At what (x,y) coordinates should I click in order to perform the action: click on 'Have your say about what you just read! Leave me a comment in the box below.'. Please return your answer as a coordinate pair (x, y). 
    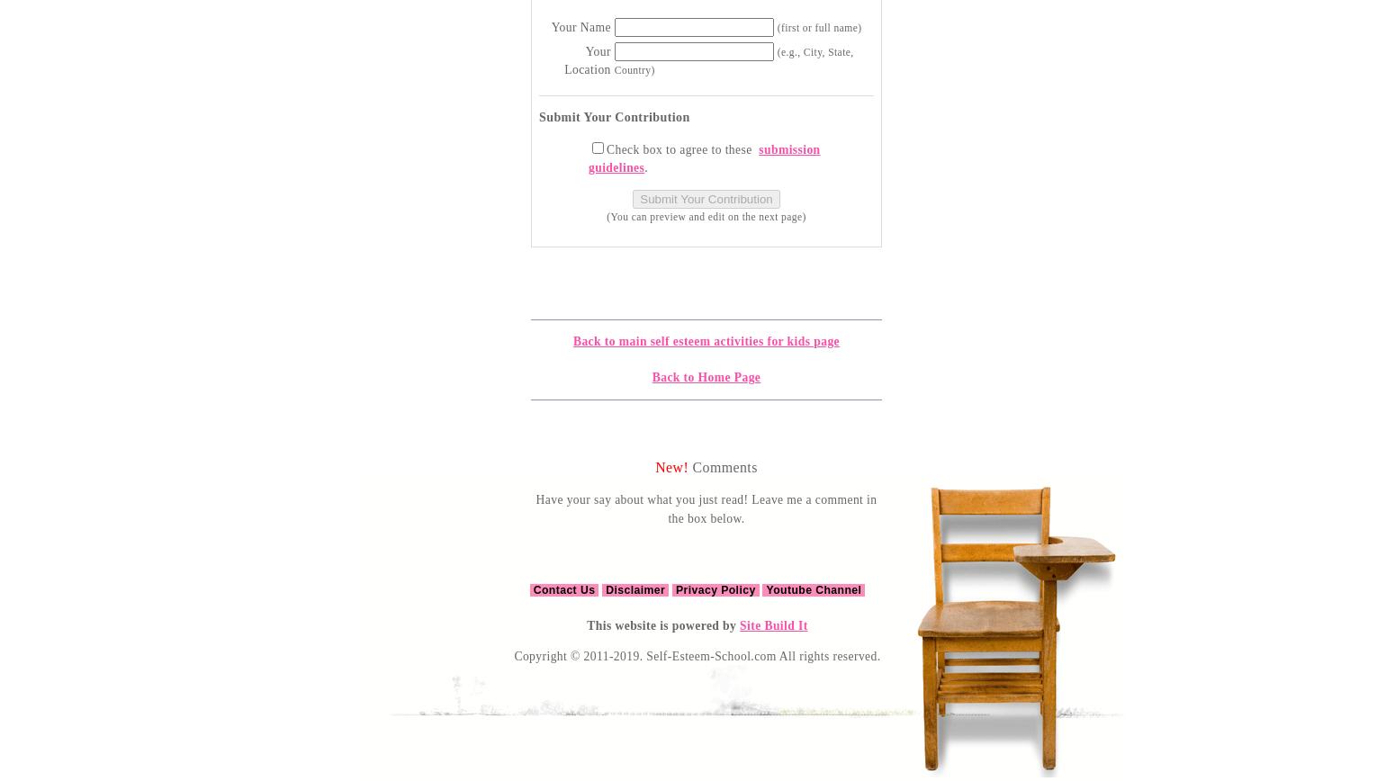
    Looking at the image, I should click on (705, 508).